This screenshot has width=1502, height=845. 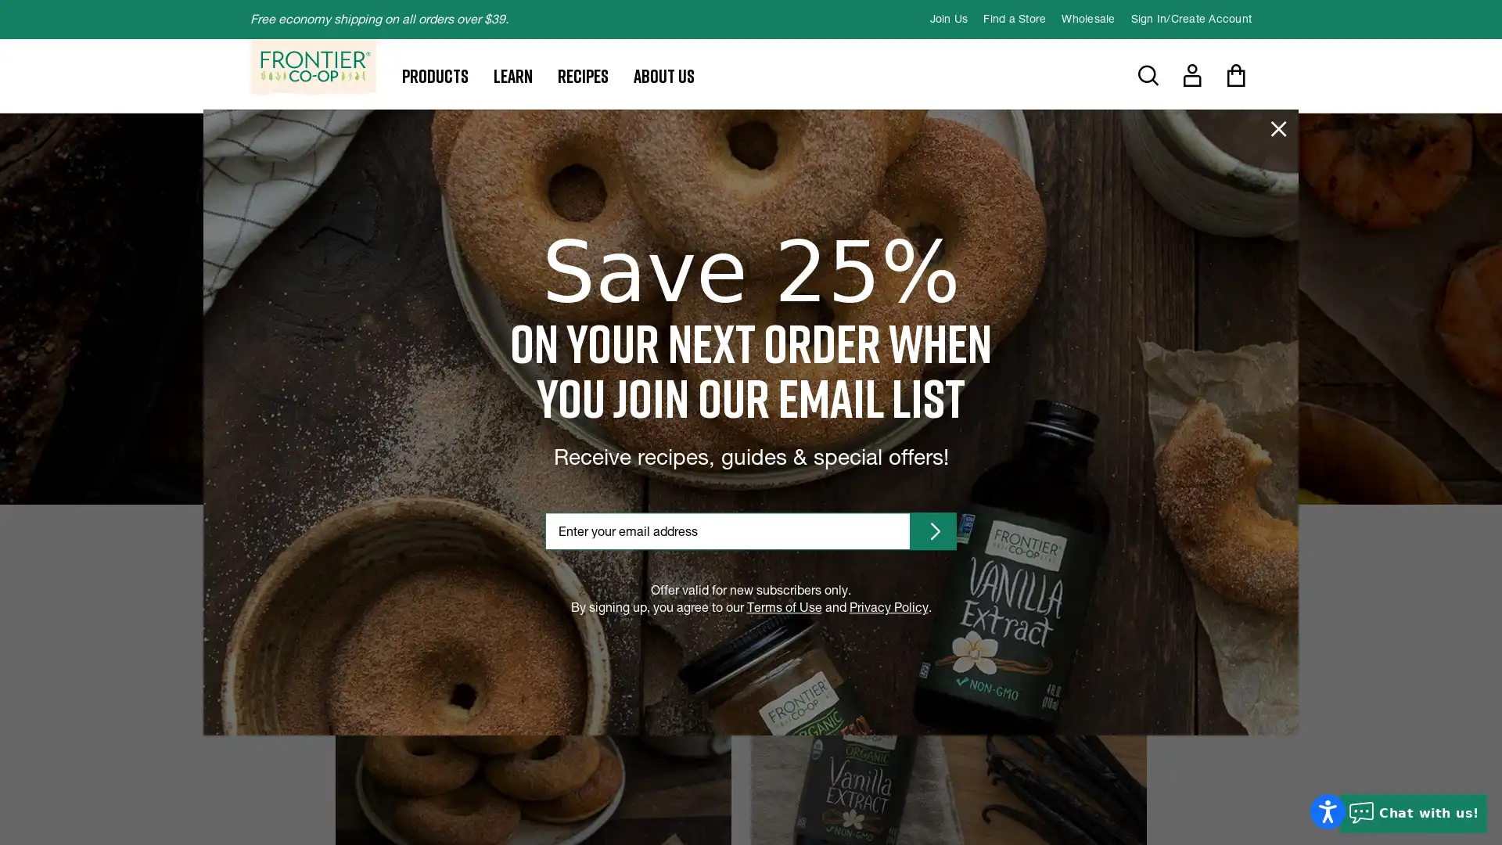 What do you see at coordinates (1234, 75) in the screenshot?
I see `My Cart` at bounding box center [1234, 75].